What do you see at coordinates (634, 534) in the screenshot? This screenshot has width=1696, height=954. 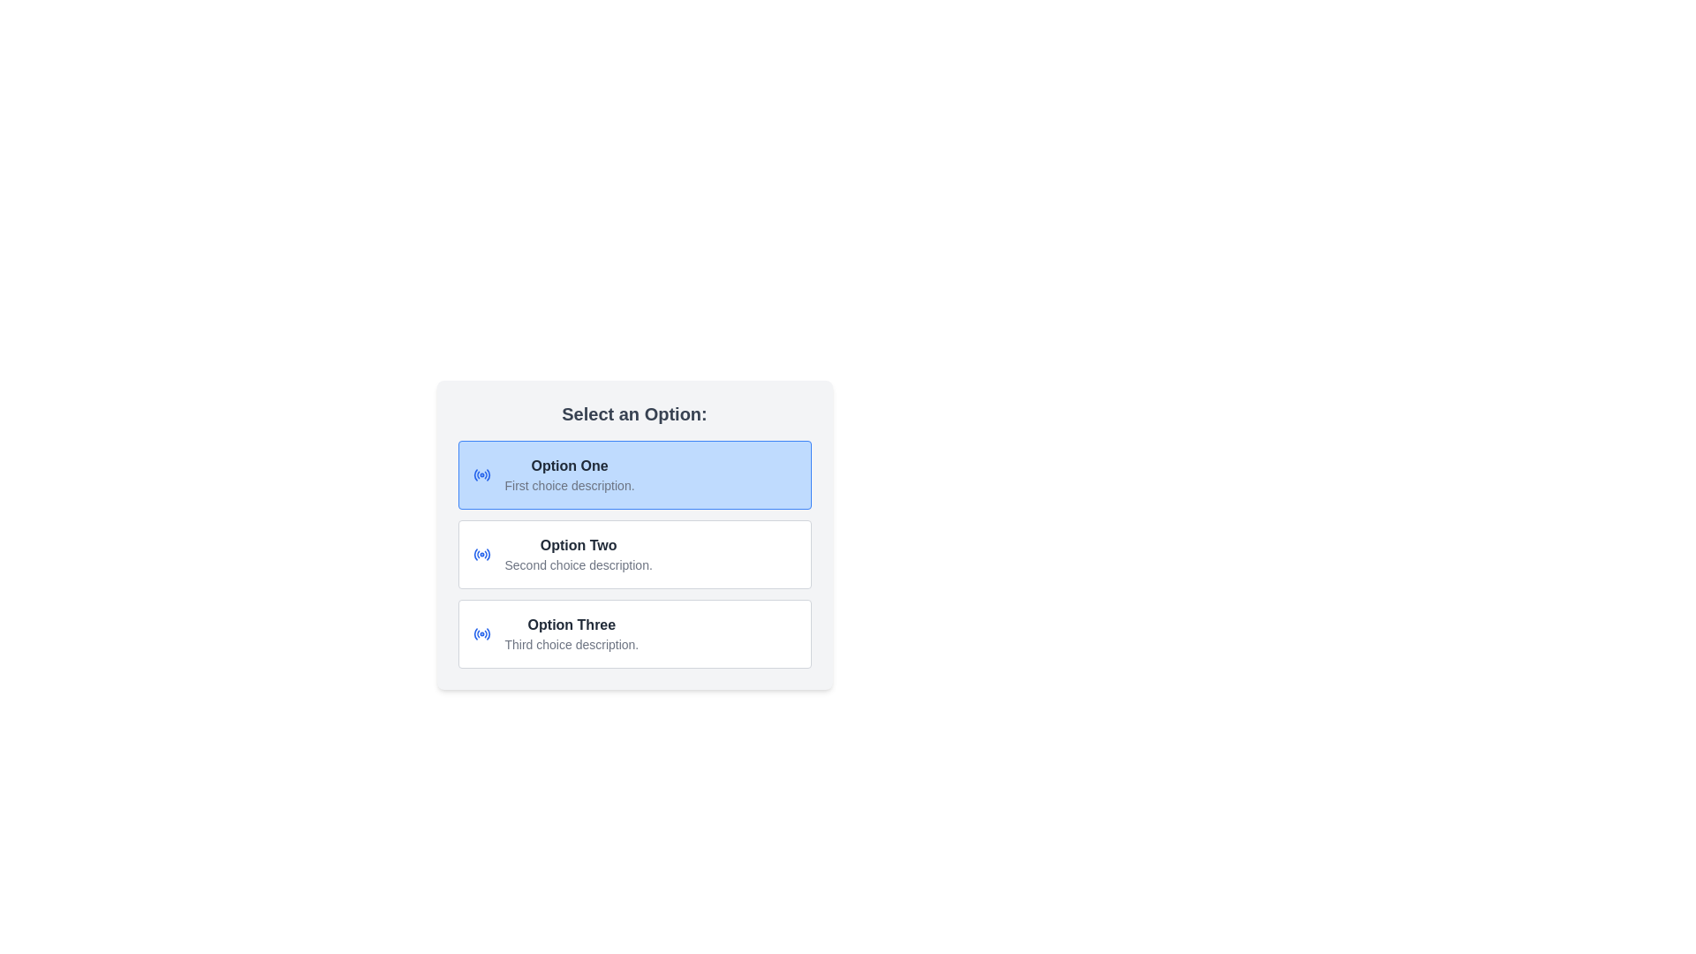 I see `the second selectable option in the radio button group labeled 'Select an Option:'` at bounding box center [634, 534].